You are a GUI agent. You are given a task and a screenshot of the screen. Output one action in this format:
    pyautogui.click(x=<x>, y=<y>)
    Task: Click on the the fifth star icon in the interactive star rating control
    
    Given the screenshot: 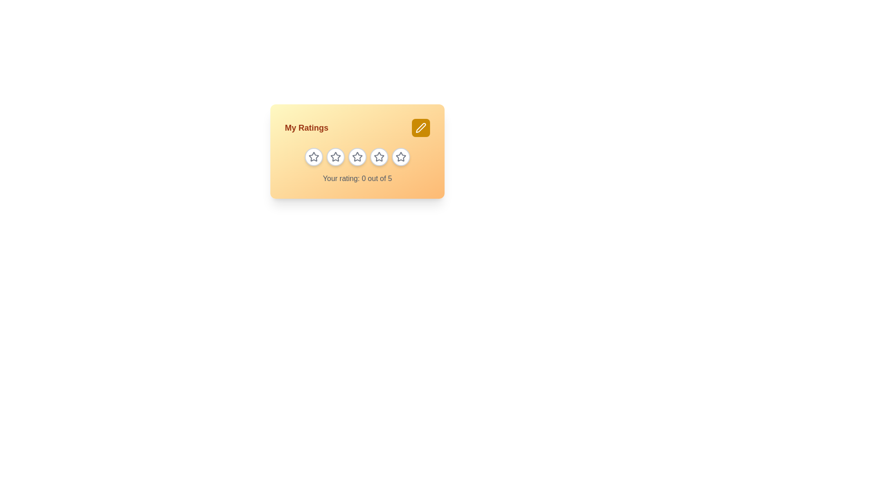 What is the action you would take?
    pyautogui.click(x=400, y=156)
    